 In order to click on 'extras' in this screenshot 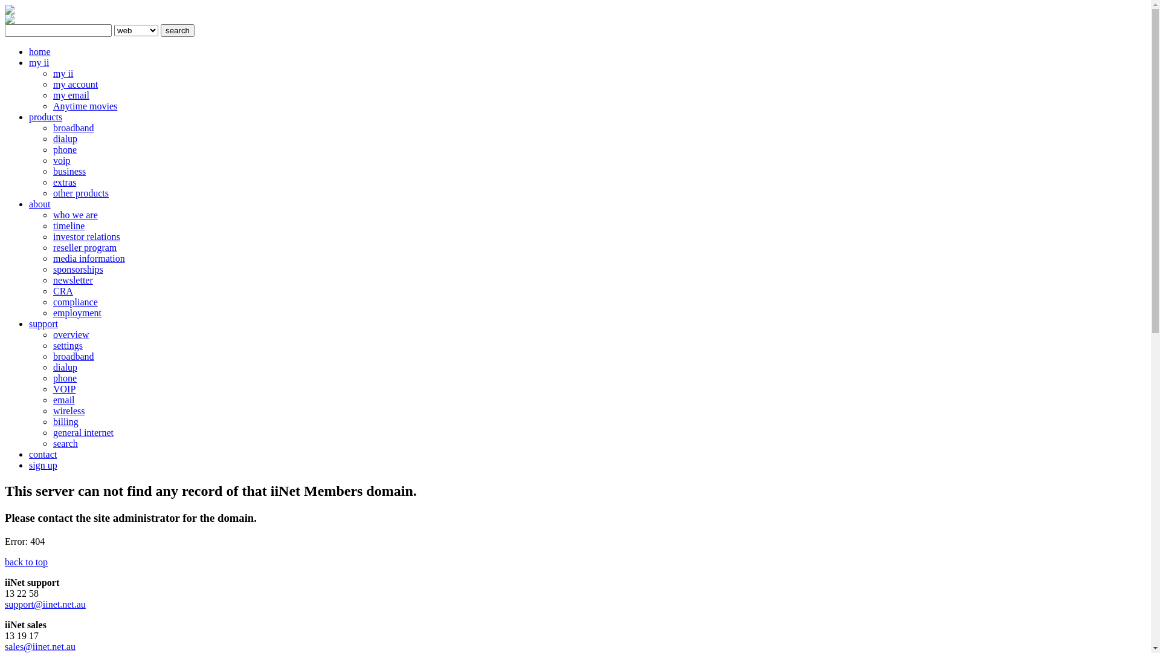, I will do `click(52, 182)`.